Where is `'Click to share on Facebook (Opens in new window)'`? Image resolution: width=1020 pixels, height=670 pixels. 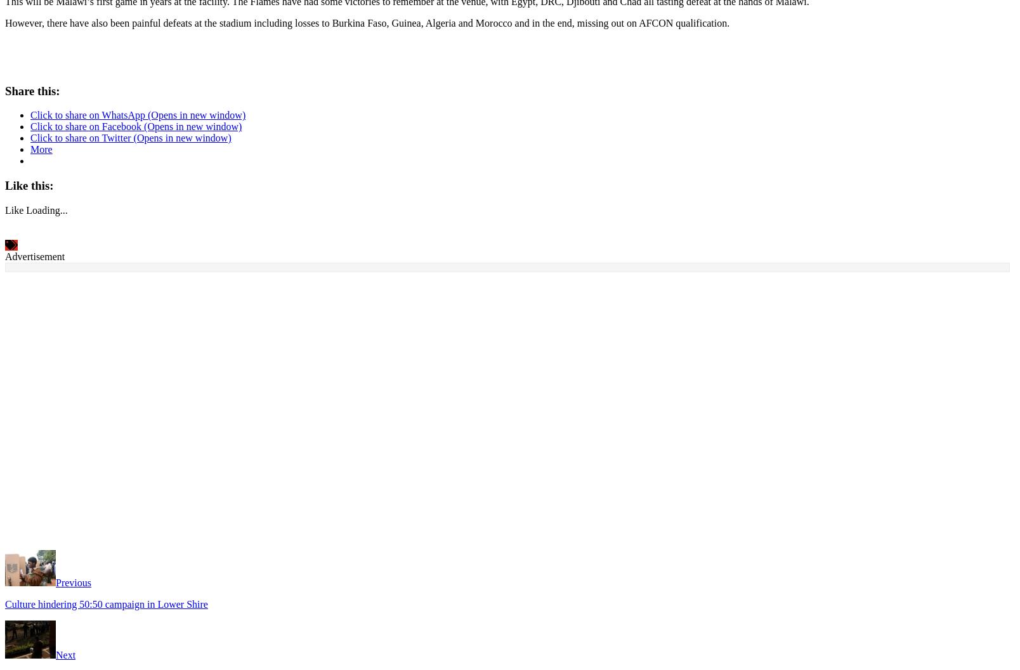 'Click to share on Facebook (Opens in new window)' is located at coordinates (136, 124).